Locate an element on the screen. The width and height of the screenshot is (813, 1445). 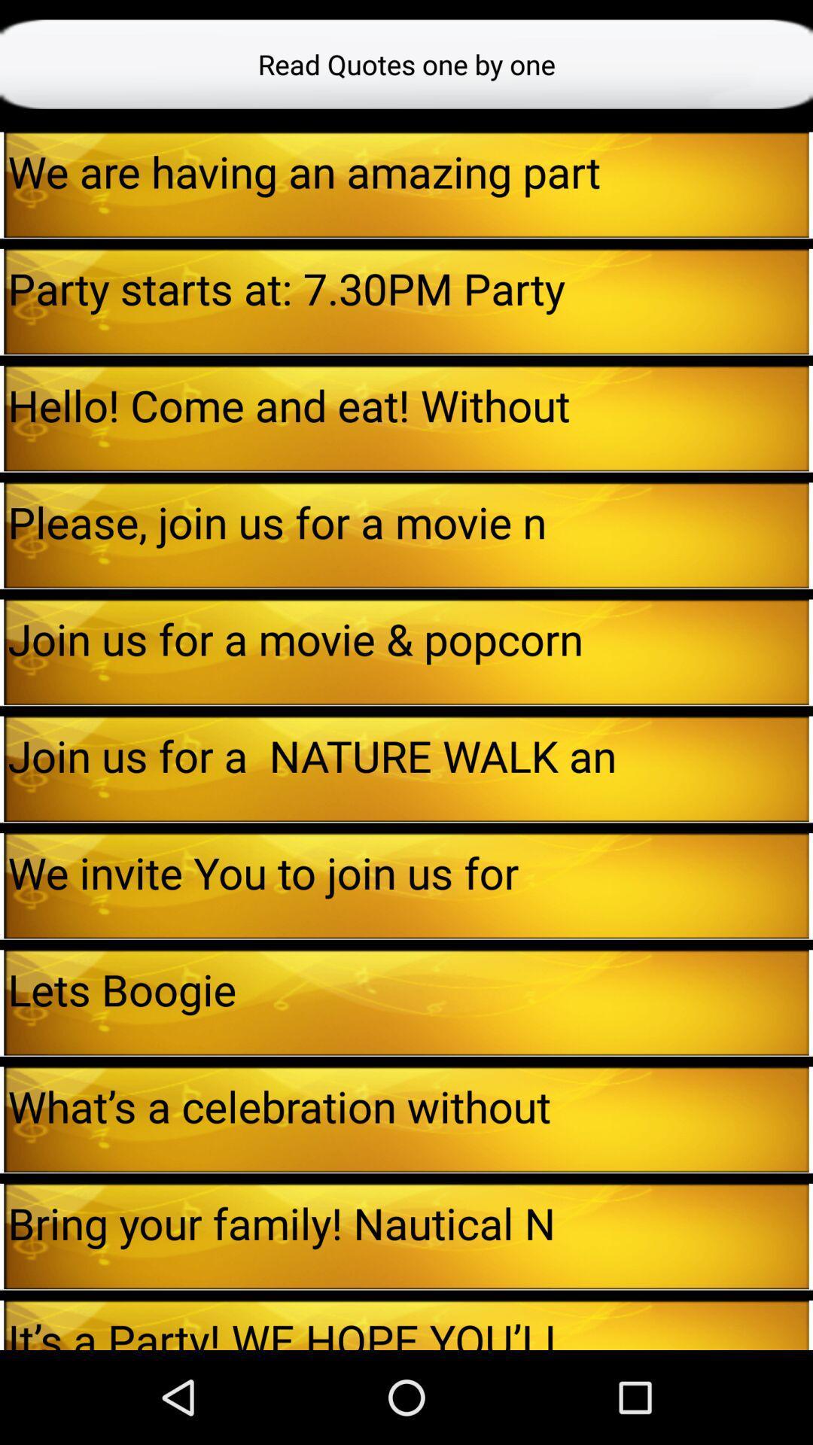
the lets boogie is located at coordinates (408, 989).